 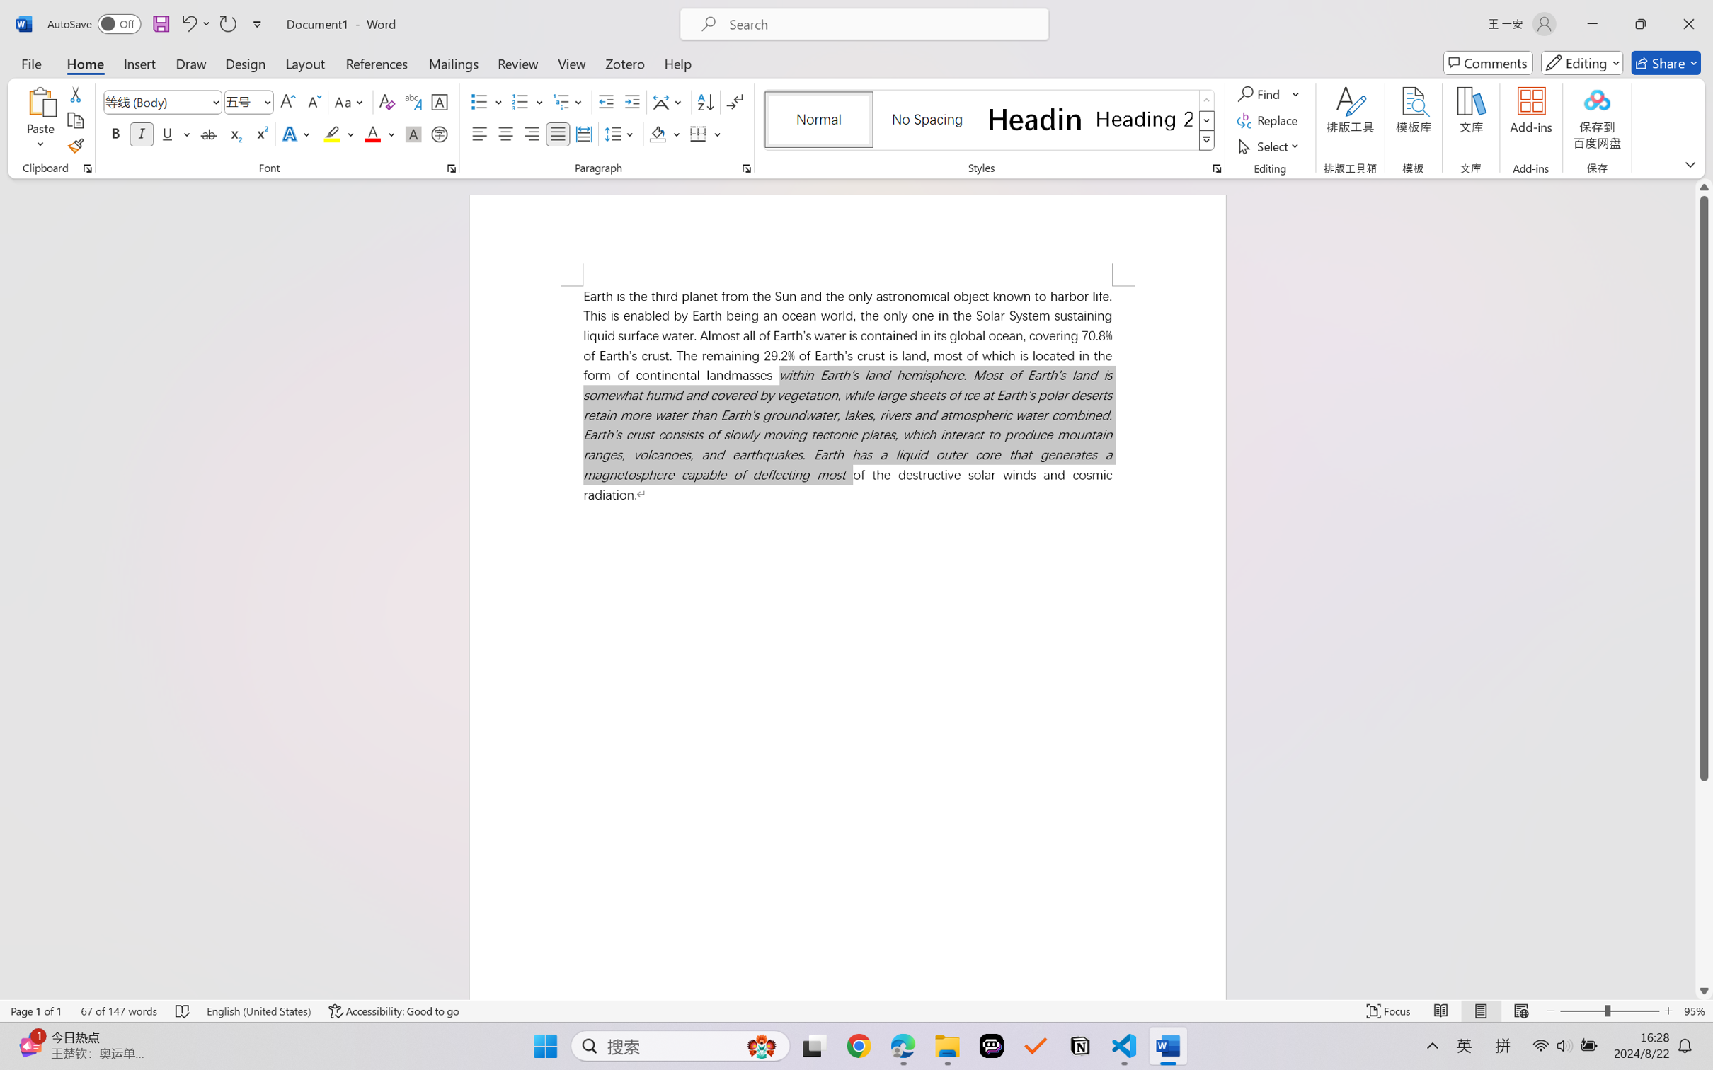 I want to click on 'Justify', so click(x=557, y=133).